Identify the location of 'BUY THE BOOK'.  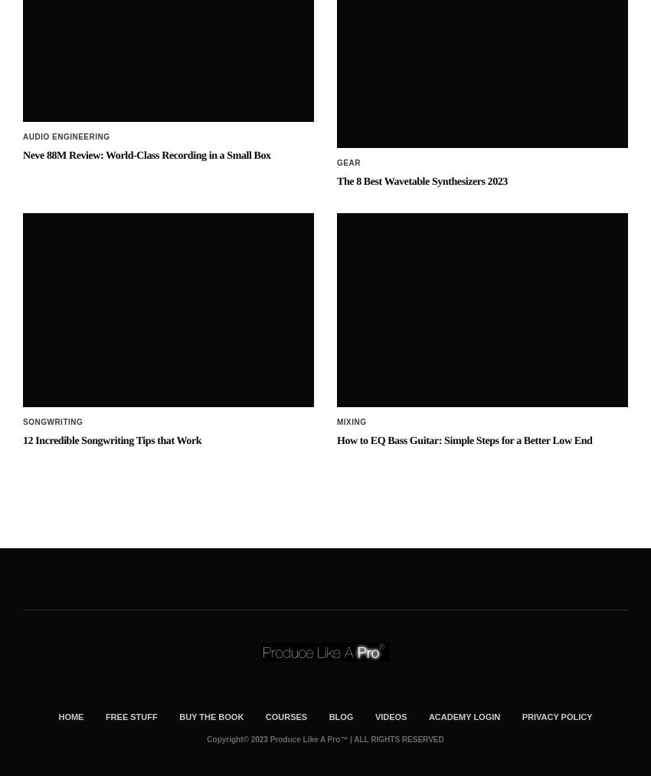
(210, 592).